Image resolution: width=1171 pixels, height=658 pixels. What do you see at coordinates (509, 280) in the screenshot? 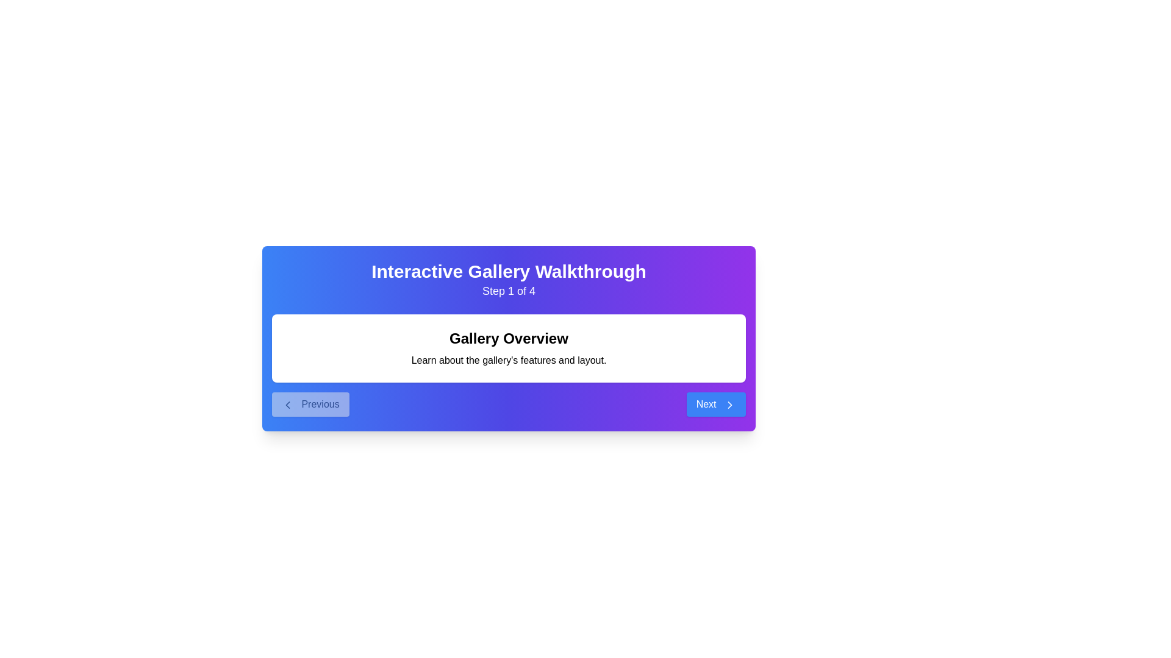
I see `the Text Display element that indicates progress information in the gallery walkthrough, located at the top of the rectangular card` at bounding box center [509, 280].